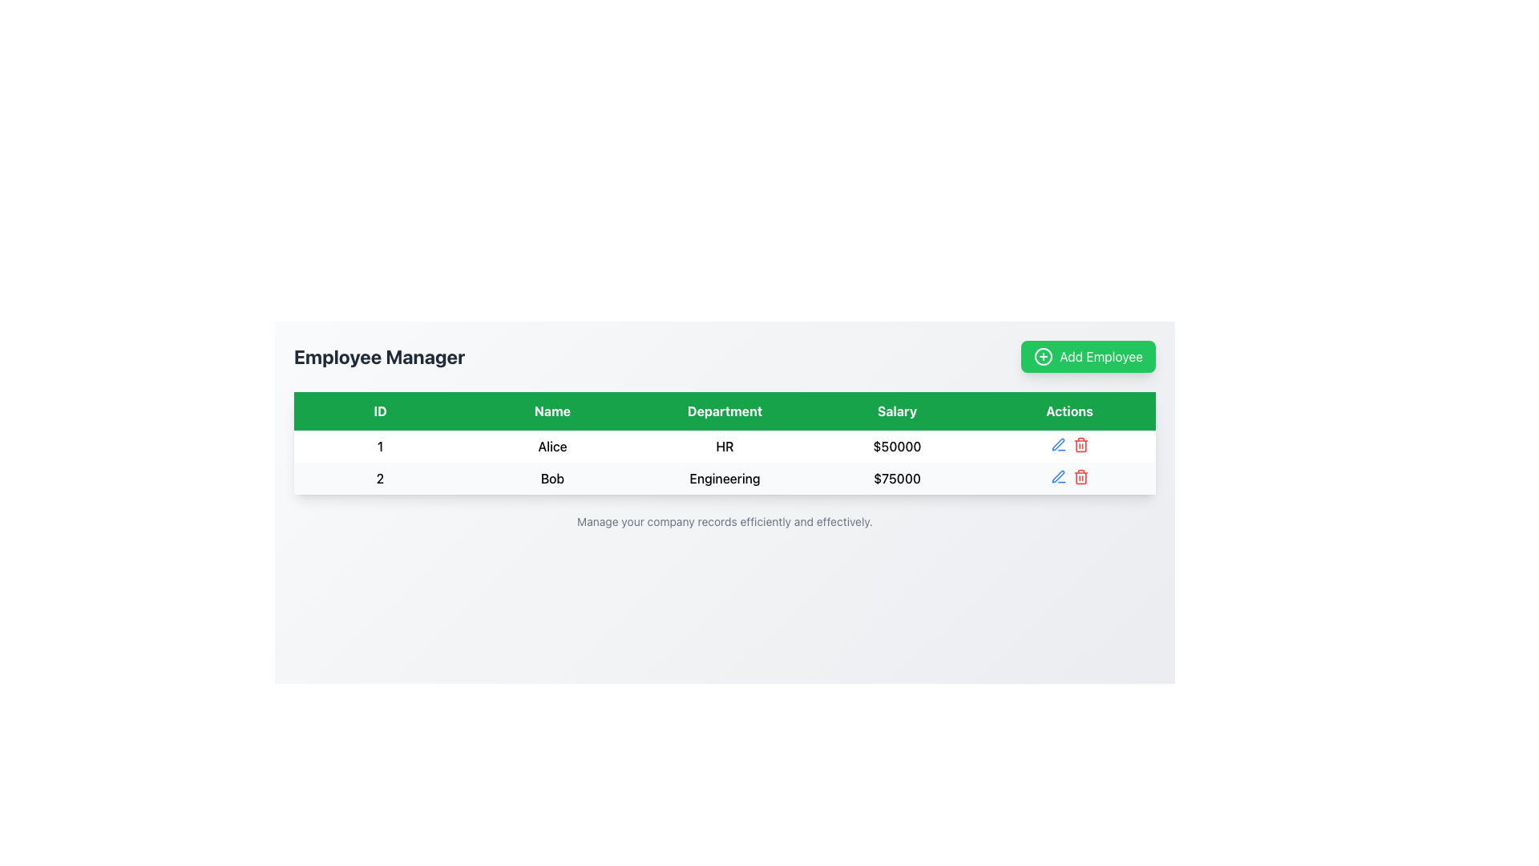 Image resolution: width=1539 pixels, height=866 pixels. What do you see at coordinates (724, 411) in the screenshot?
I see `the text label indicating the header for the 'Department' column in the table, which is the third column header situated between 'Name' and 'Salary'` at bounding box center [724, 411].